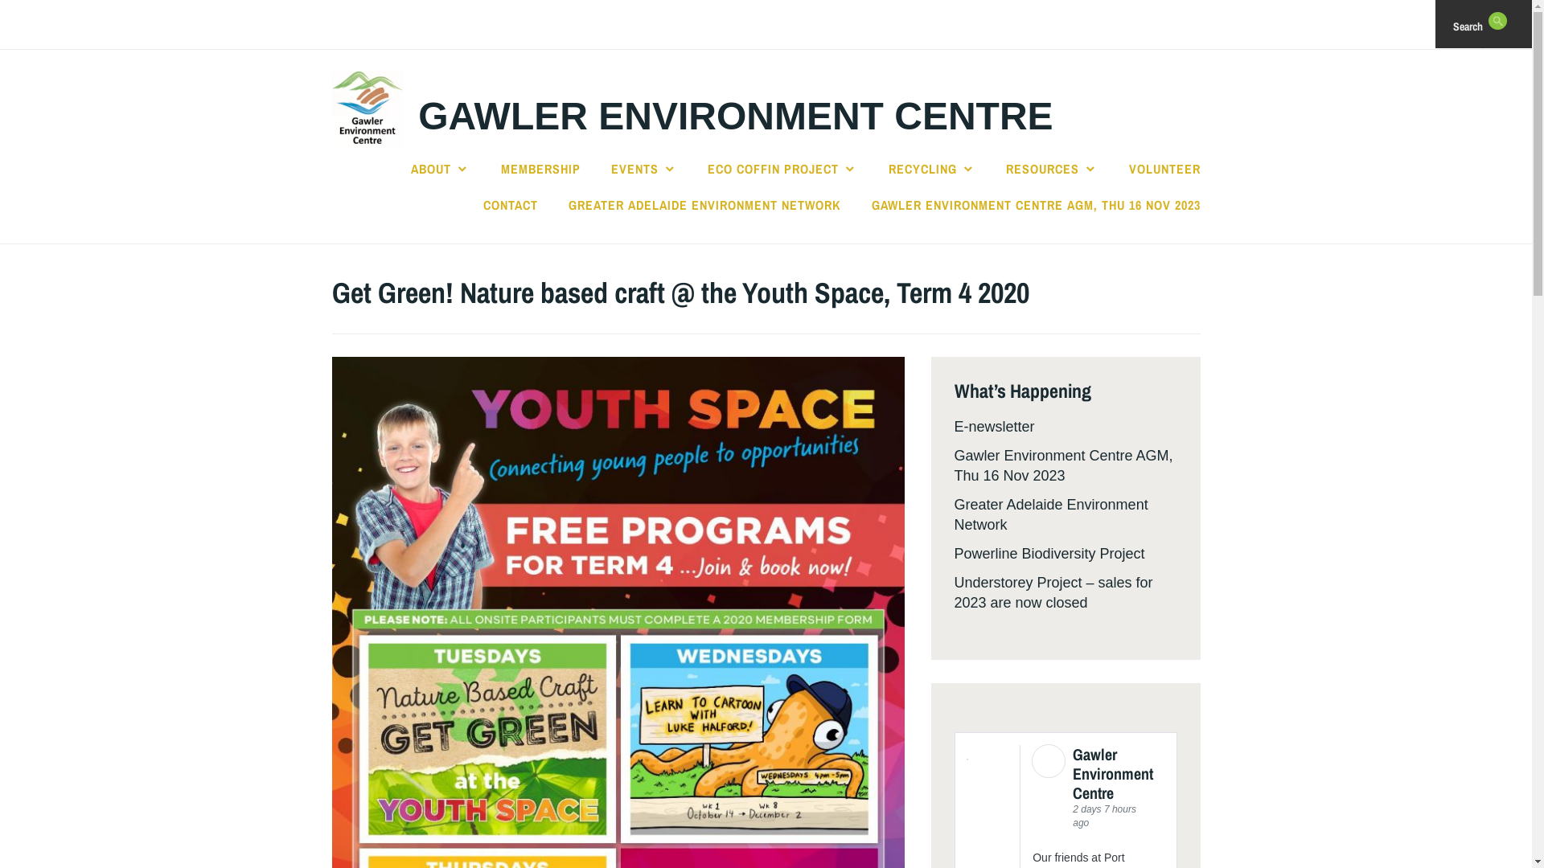 The height and width of the screenshot is (868, 1544). I want to click on 'RESOURCES', so click(1052, 168).